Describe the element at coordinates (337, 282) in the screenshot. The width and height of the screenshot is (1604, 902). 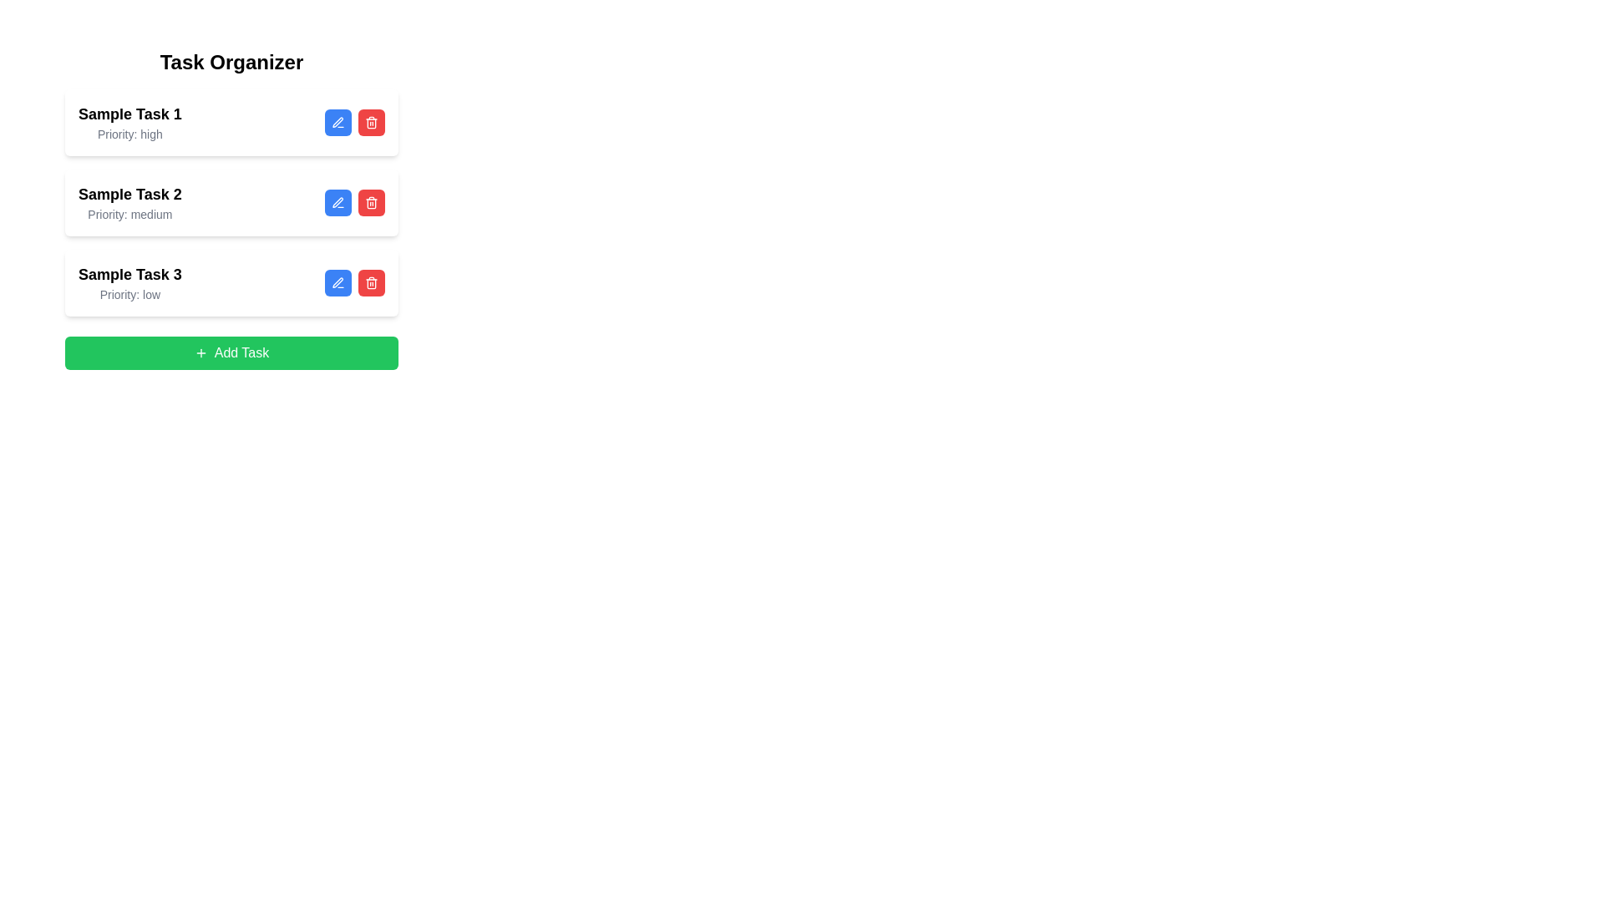
I see `the edit button to modify the details of 'Sample Task 3' located in the action section of its task card` at that location.